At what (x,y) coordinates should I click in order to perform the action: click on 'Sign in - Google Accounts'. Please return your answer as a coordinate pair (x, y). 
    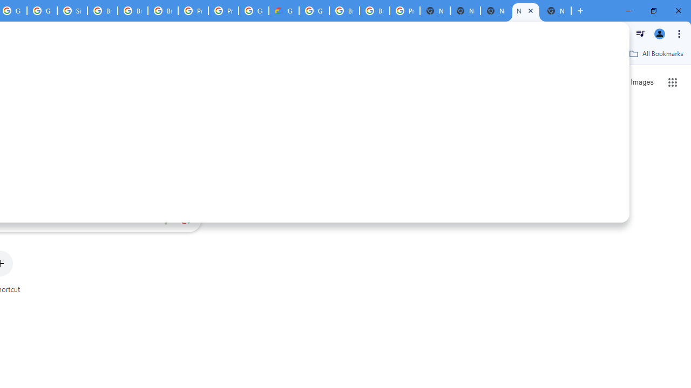
    Looking at the image, I should click on (72, 11).